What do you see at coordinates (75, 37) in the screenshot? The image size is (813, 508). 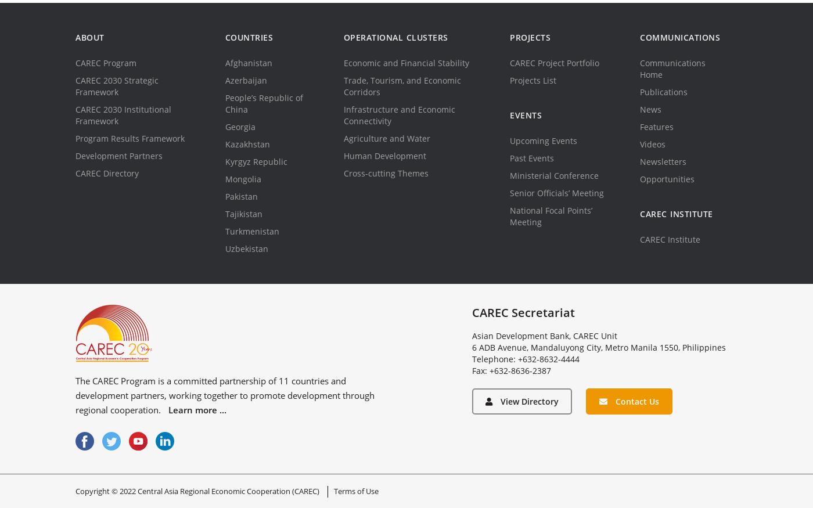 I see `'About'` at bounding box center [75, 37].